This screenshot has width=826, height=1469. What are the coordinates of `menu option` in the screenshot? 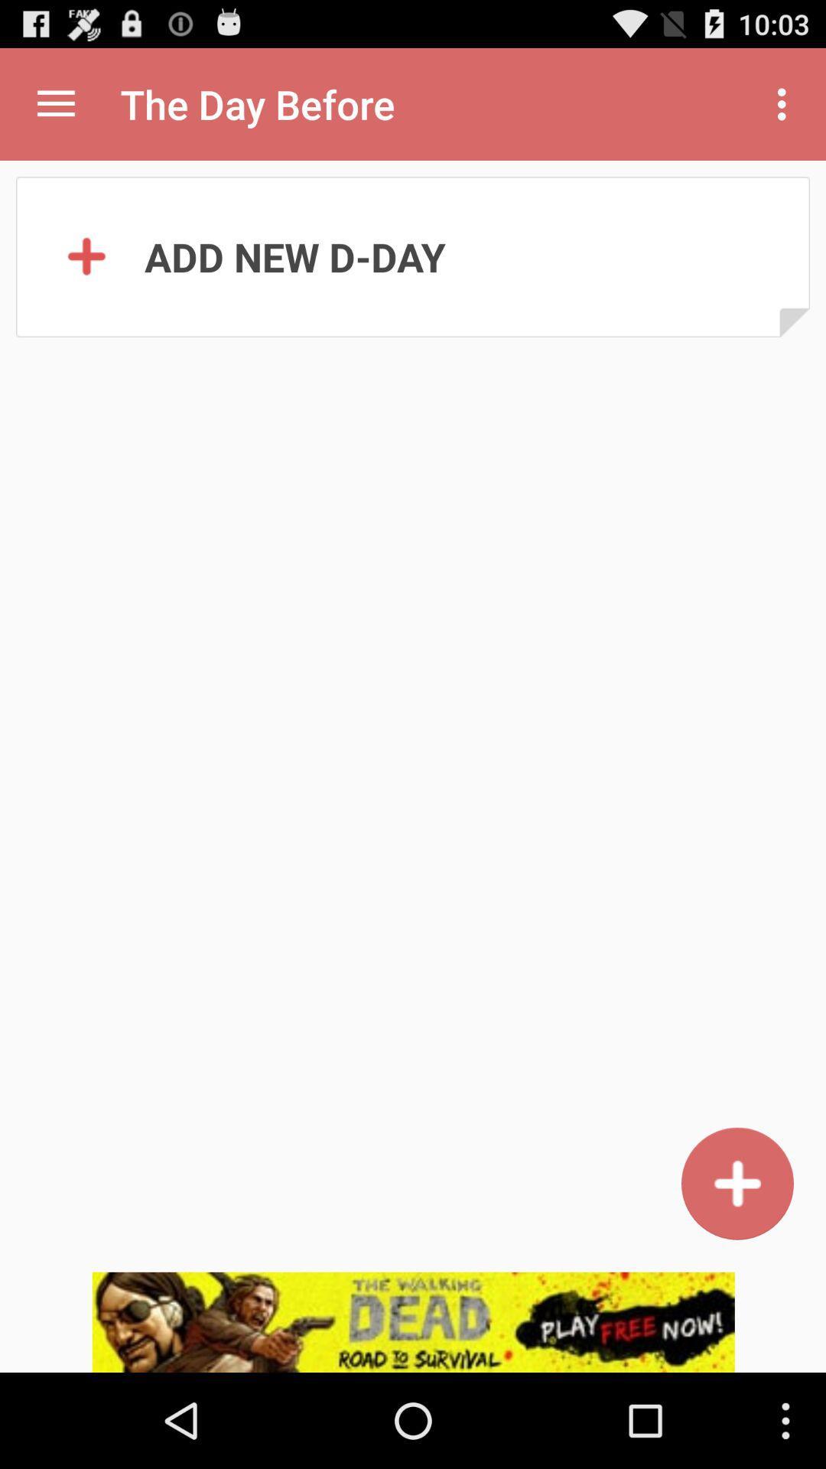 It's located at (55, 103).